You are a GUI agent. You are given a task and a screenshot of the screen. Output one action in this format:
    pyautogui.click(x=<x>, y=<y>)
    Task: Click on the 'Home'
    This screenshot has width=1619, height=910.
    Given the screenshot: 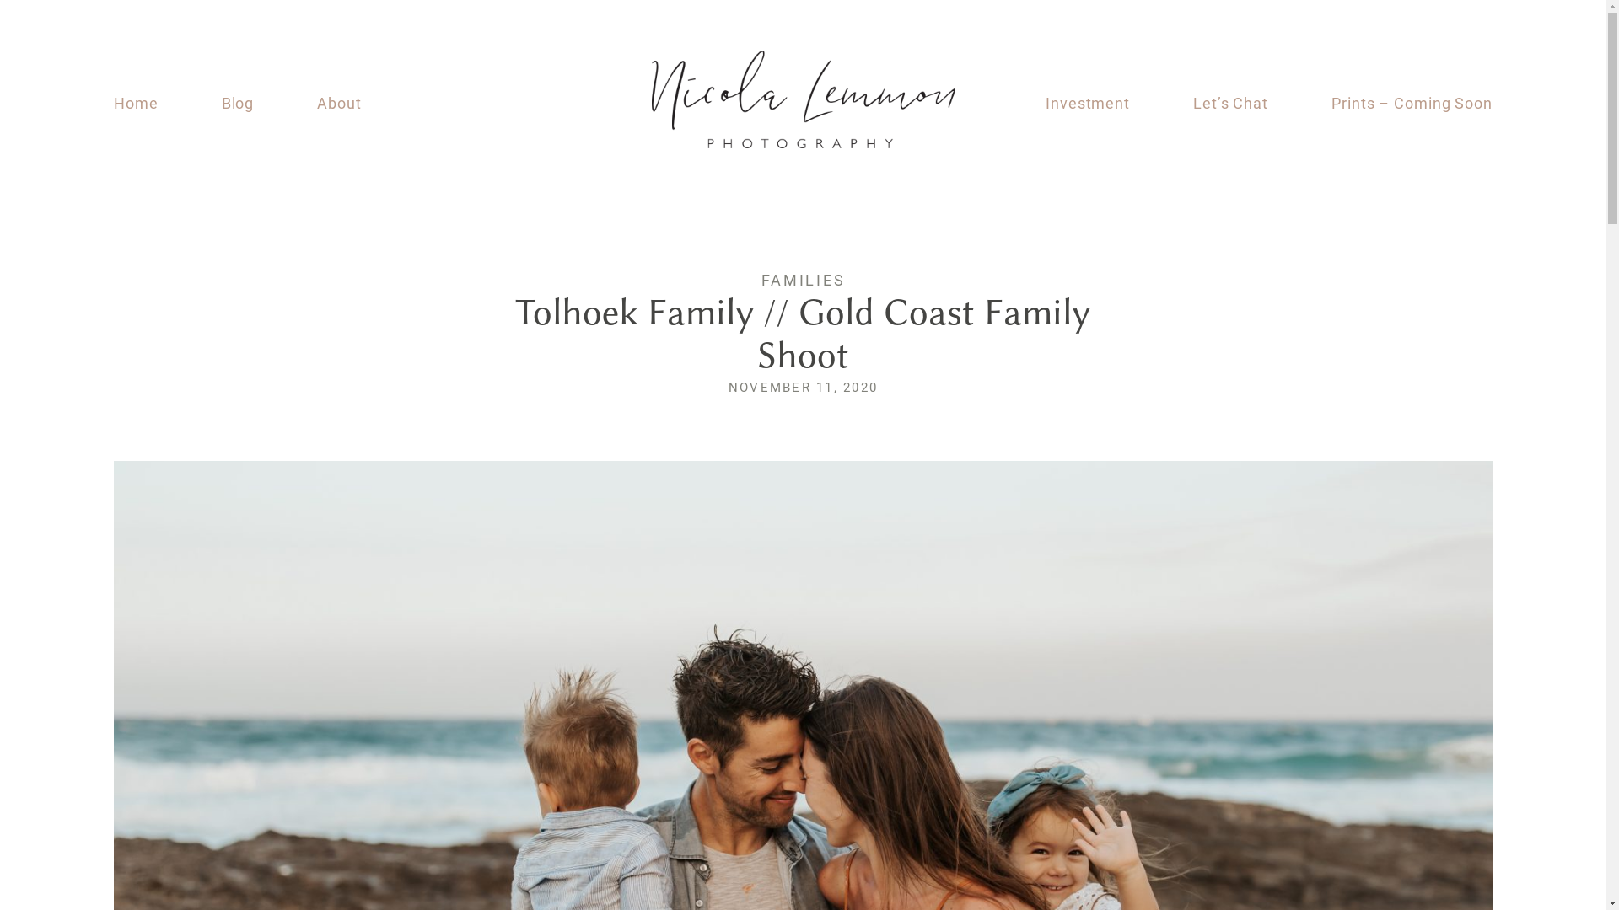 What is the action you would take?
    pyautogui.click(x=136, y=104)
    